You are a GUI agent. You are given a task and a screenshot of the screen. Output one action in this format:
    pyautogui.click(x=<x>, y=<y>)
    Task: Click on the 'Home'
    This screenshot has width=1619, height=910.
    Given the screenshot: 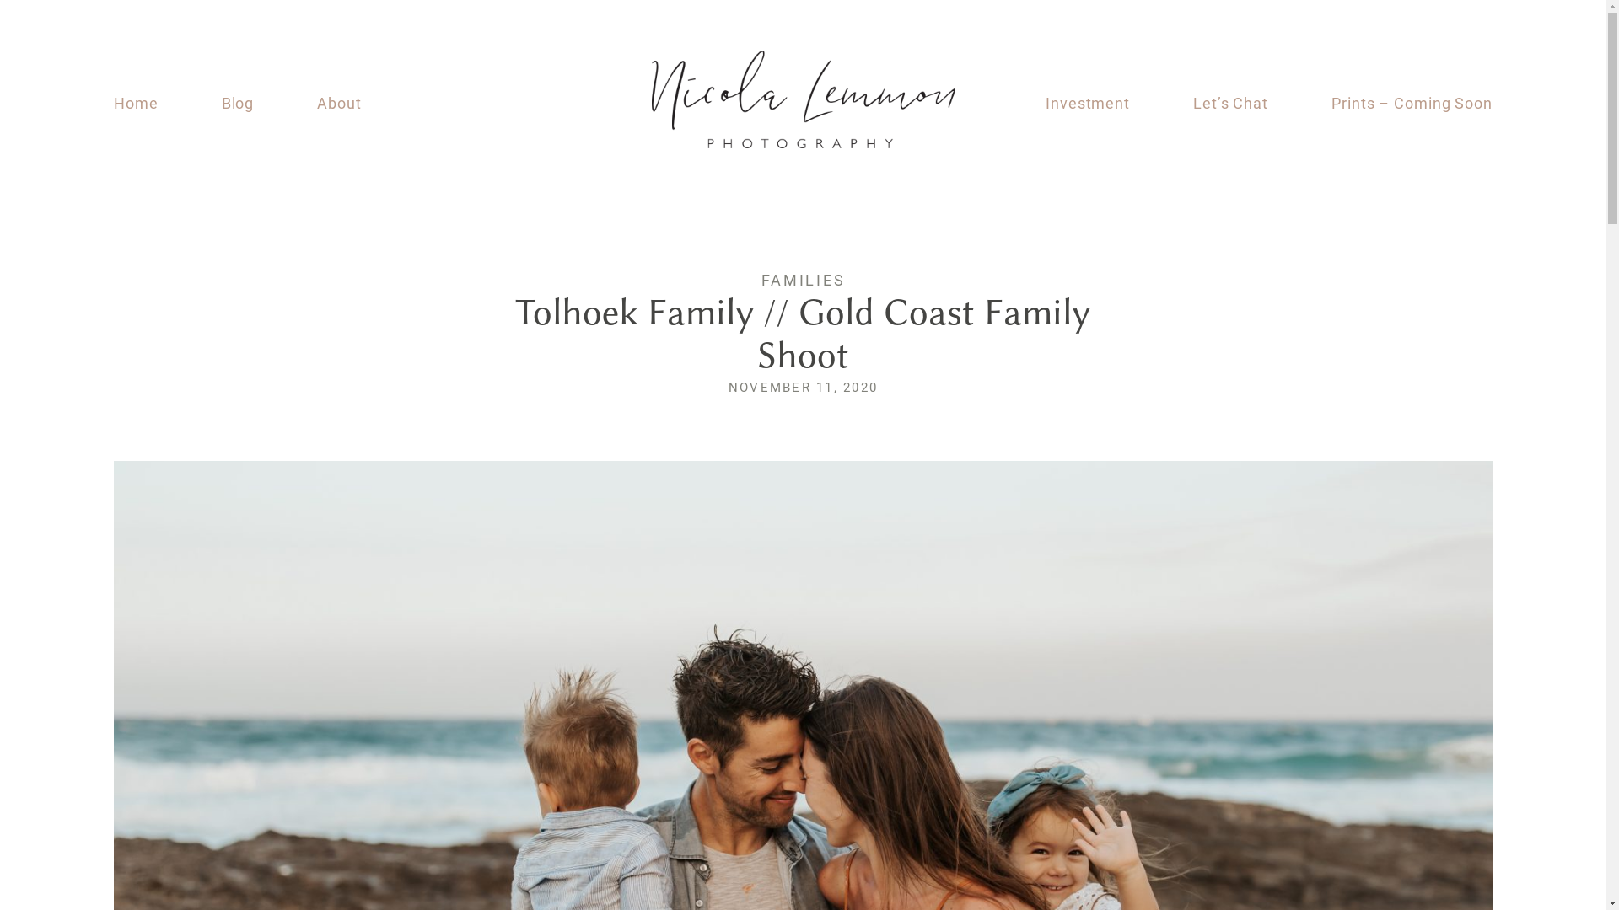 What is the action you would take?
    pyautogui.click(x=136, y=104)
    